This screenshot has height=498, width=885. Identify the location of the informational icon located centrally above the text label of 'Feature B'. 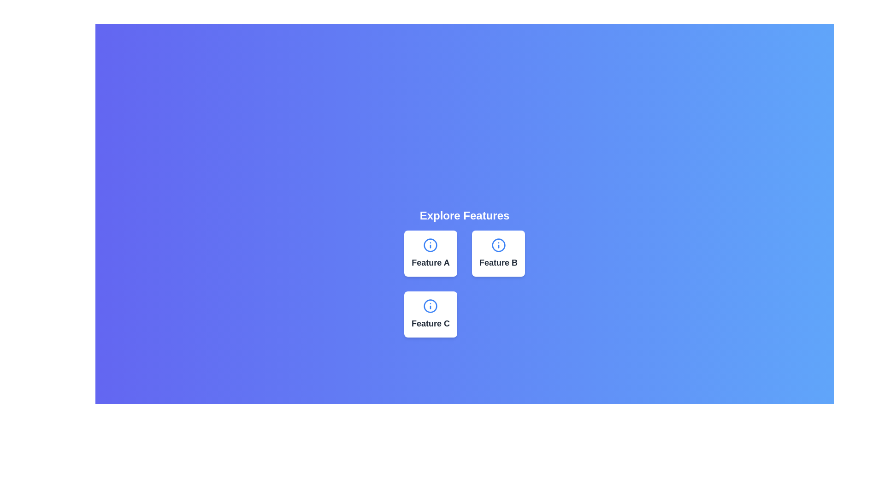
(498, 245).